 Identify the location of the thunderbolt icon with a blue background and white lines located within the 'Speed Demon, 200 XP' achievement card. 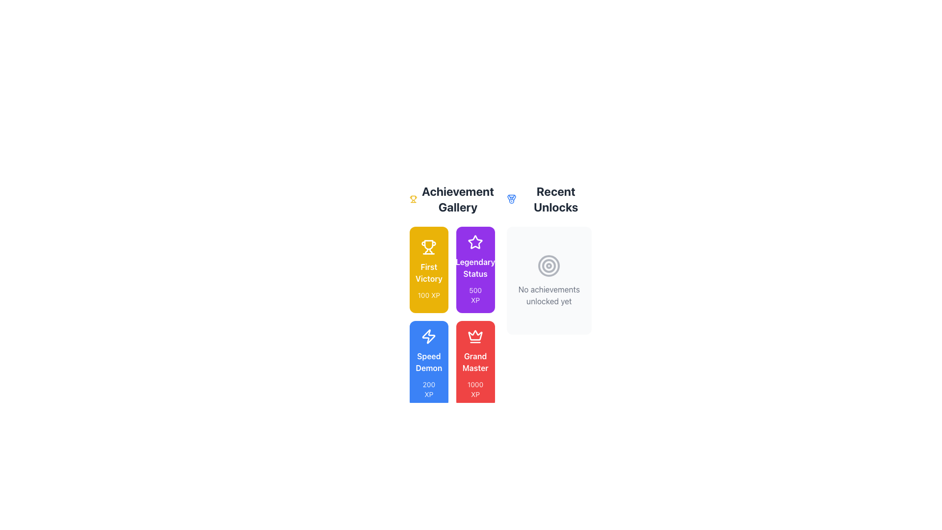
(429, 336).